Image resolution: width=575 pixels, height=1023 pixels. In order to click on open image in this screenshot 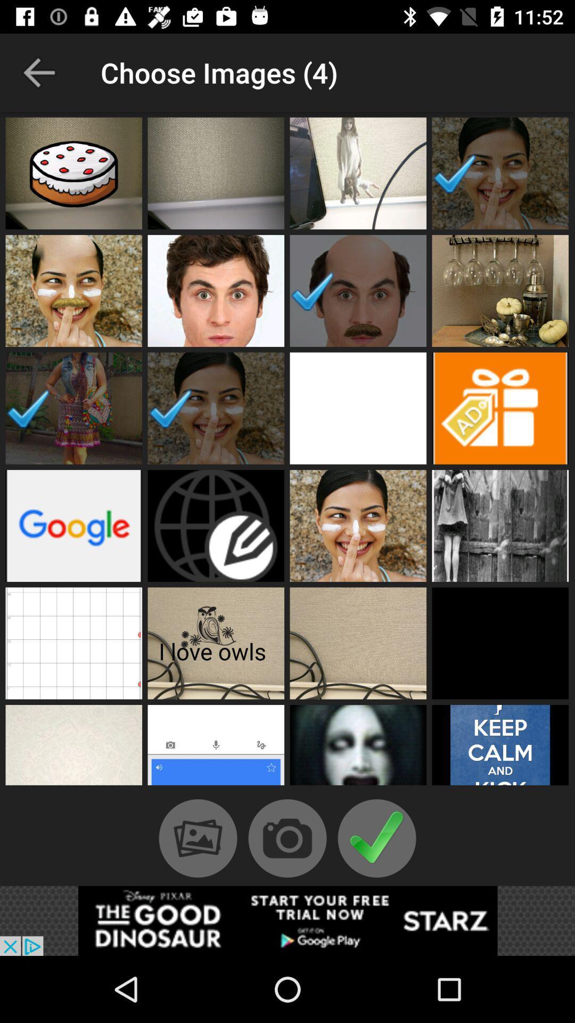, I will do `click(73, 173)`.